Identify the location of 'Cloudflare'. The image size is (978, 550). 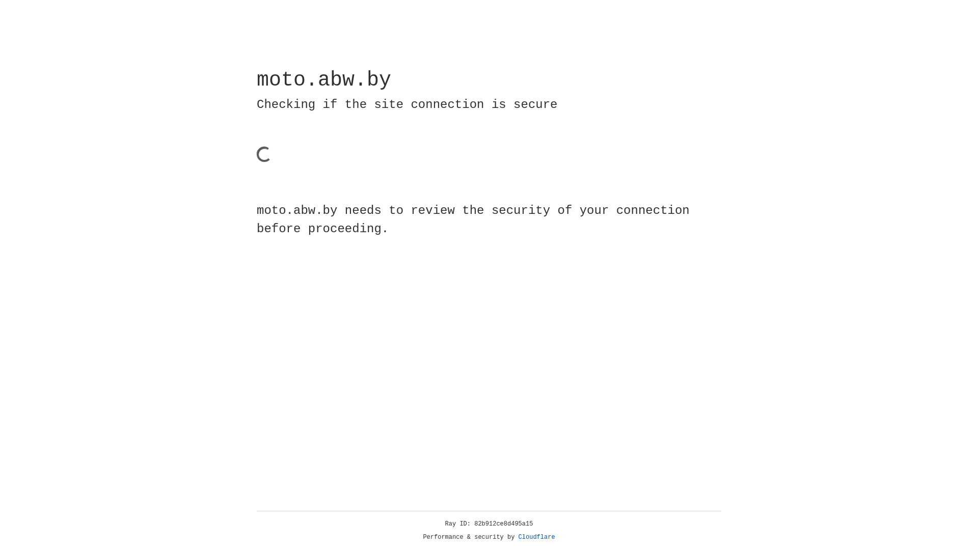
(518, 537).